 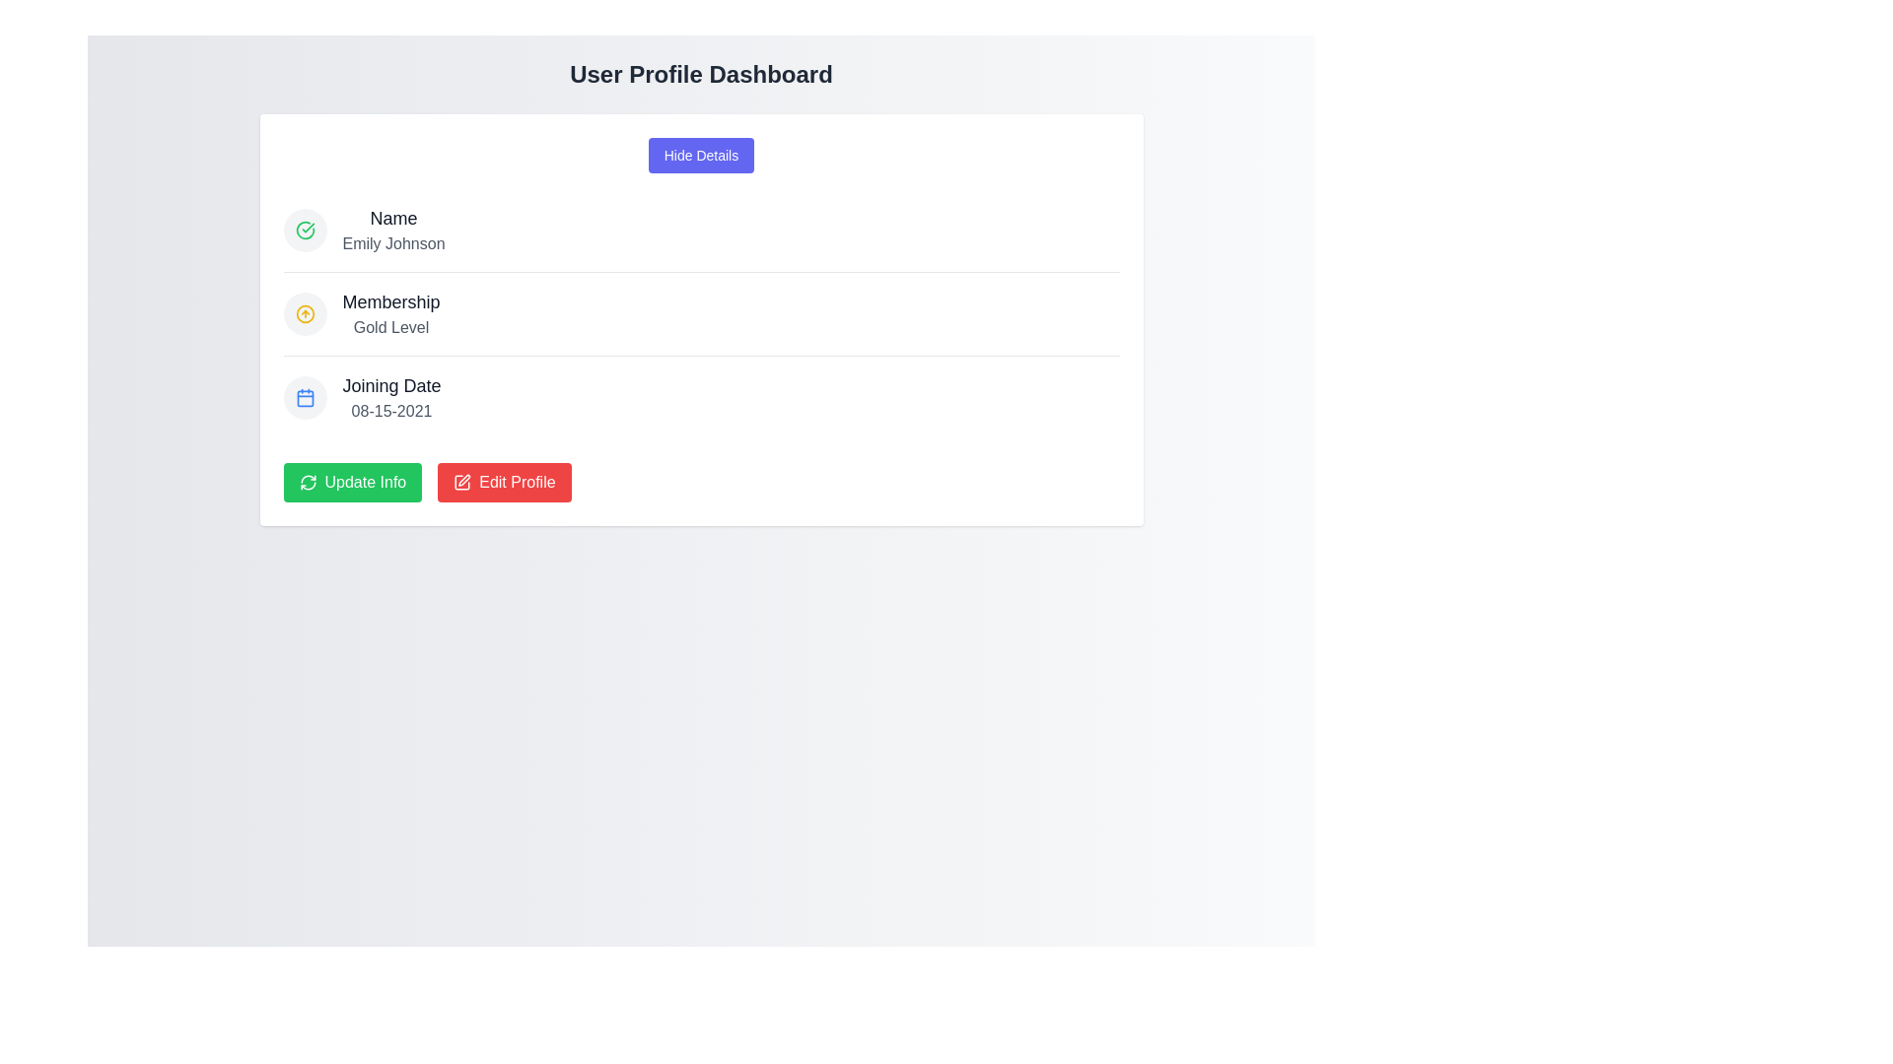 I want to click on the text label displaying the user's name, 'Emily Johnson', located below the text 'Name' in the top left area of the content card, so click(x=393, y=242).